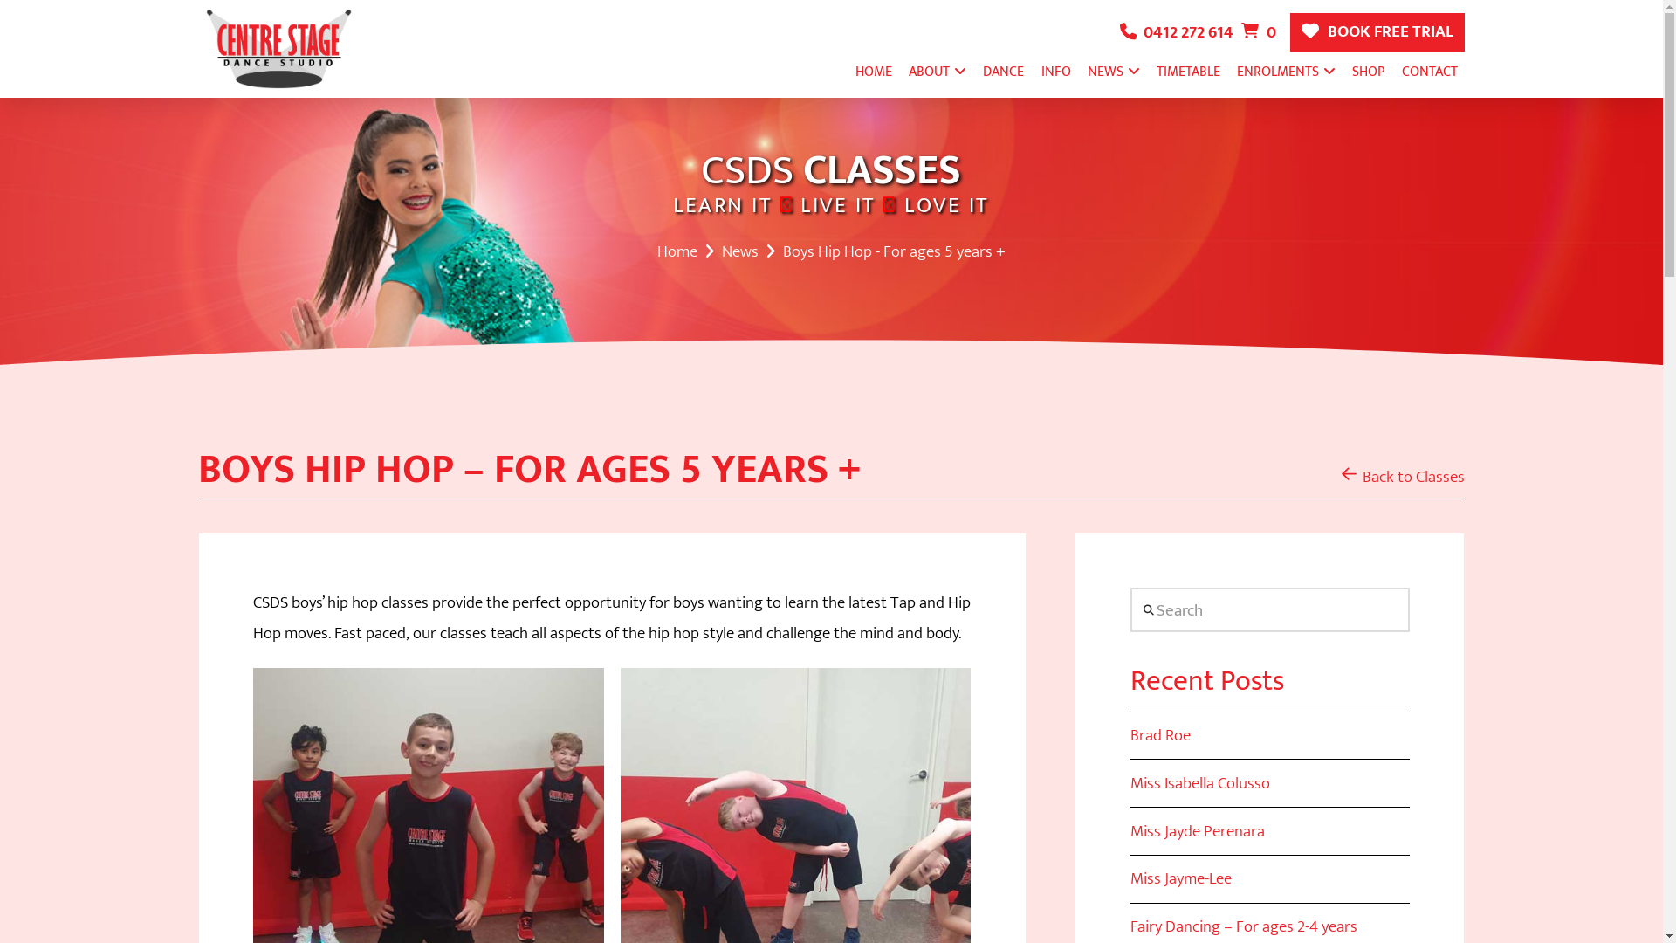 The image size is (1676, 943). What do you see at coordinates (1343, 70) in the screenshot?
I see `'SHOP'` at bounding box center [1343, 70].